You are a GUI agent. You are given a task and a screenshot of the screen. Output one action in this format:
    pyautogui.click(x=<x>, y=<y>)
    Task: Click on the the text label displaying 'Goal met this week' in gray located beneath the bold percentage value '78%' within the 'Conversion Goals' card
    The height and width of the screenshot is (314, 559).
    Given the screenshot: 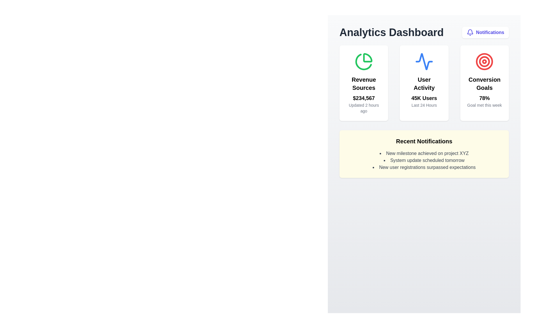 What is the action you would take?
    pyautogui.click(x=484, y=105)
    